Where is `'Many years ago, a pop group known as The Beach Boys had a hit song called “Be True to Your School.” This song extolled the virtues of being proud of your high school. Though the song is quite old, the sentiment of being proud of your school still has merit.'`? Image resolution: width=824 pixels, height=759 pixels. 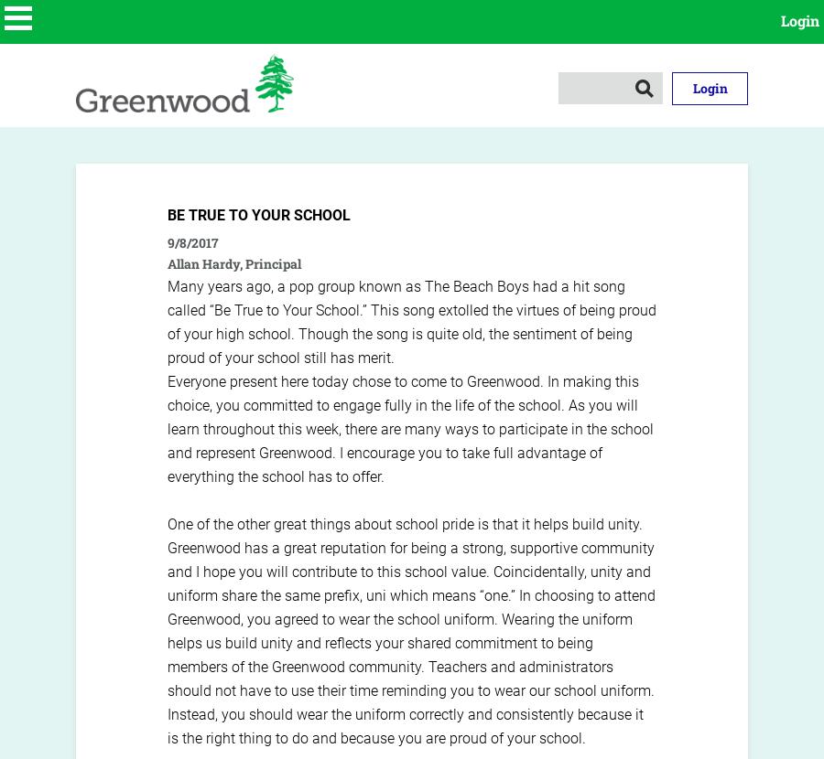
'Many years ago, a pop group known as The Beach Boys had a hit song called “Be True to Your School.” This song extolled the virtues of being proud of your high school. Though the song is quite old, the sentiment of being proud of your school still has merit.' is located at coordinates (412, 321).